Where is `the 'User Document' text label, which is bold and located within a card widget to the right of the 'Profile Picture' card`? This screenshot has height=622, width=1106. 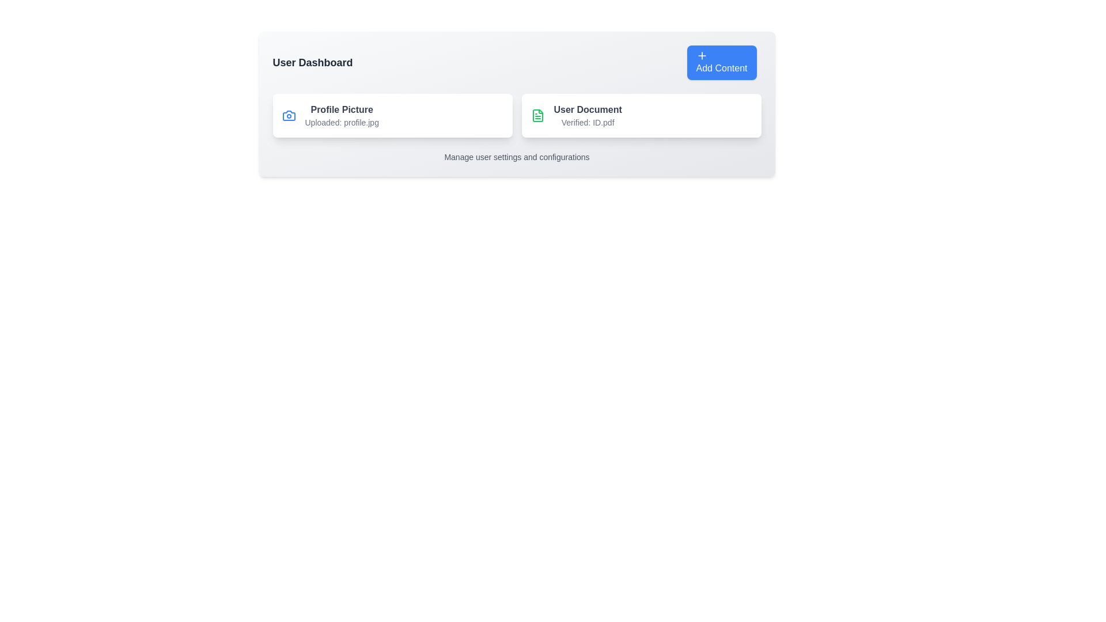 the 'User Document' text label, which is bold and located within a card widget to the right of the 'Profile Picture' card is located at coordinates (588, 115).